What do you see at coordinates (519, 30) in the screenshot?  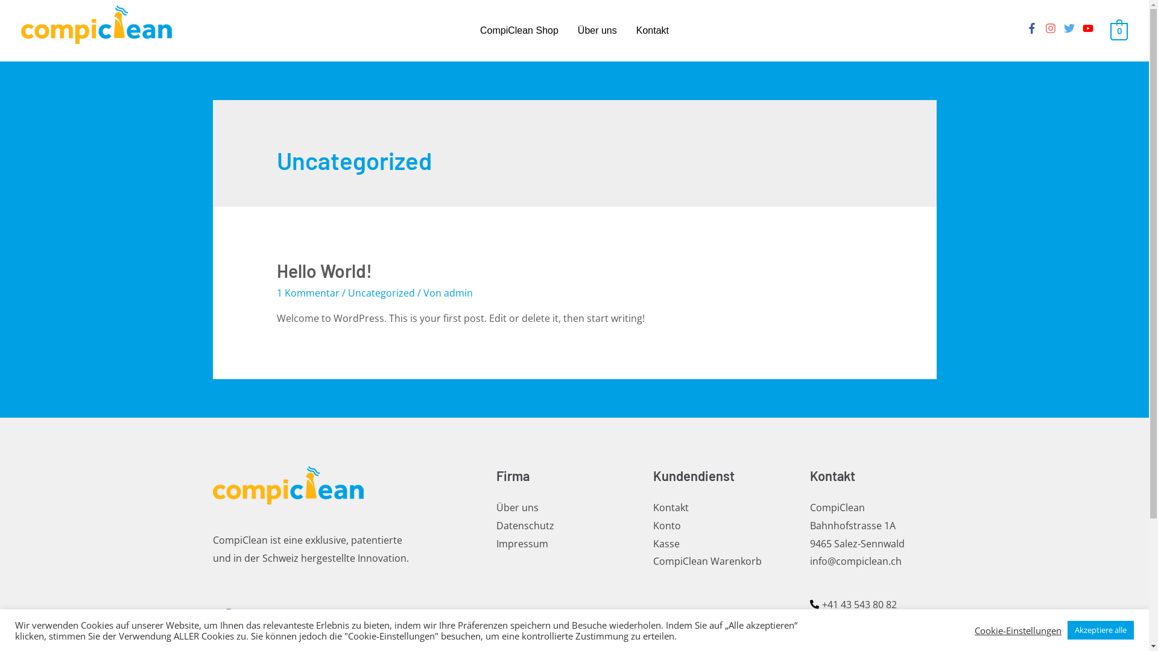 I see `'CompiClean Shop'` at bounding box center [519, 30].